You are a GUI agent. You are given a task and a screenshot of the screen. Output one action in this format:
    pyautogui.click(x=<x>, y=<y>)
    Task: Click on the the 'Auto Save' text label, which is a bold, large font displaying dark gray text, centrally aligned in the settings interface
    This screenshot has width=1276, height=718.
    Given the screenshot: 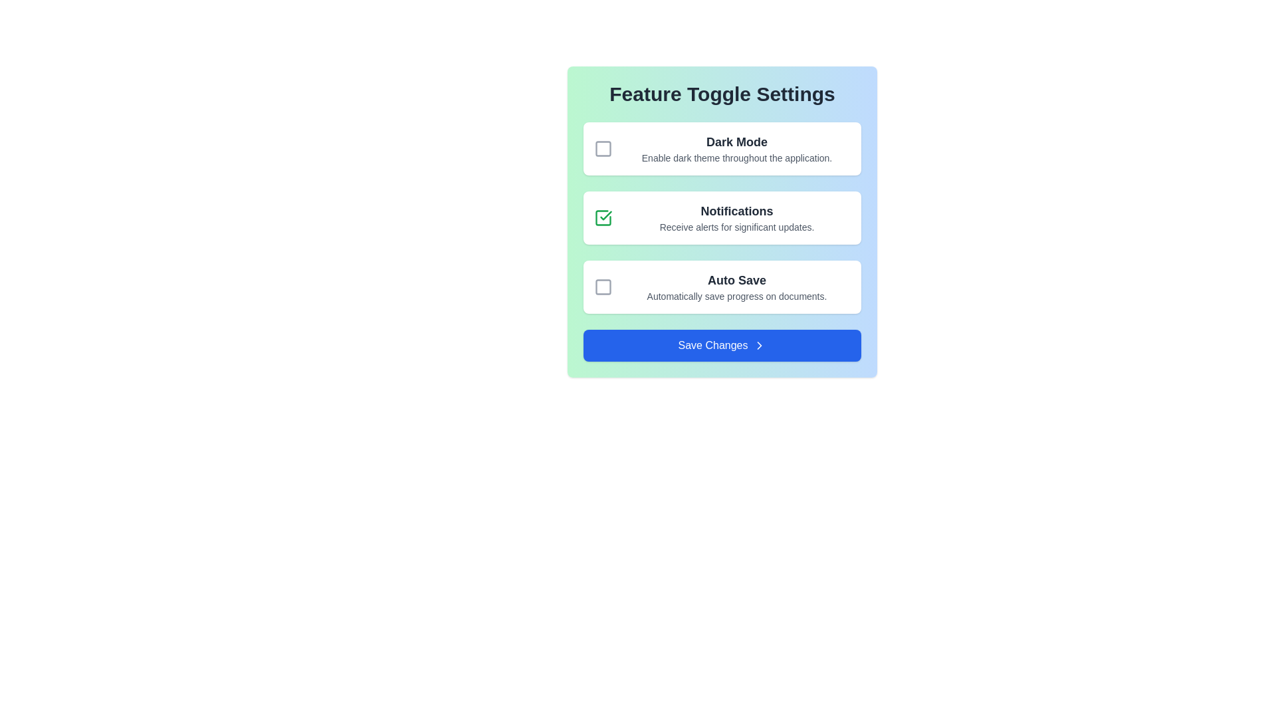 What is the action you would take?
    pyautogui.click(x=736, y=279)
    